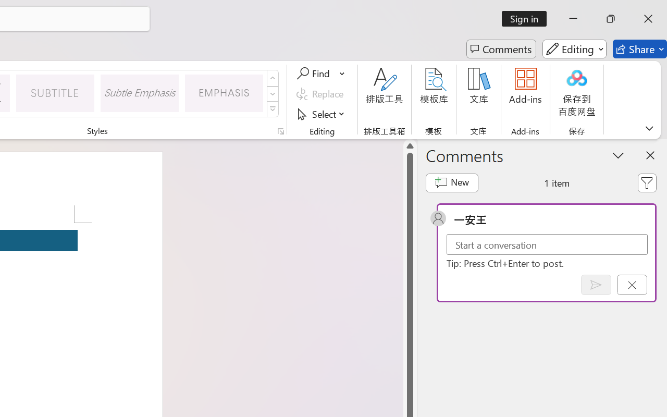  Describe the element at coordinates (596, 285) in the screenshot. I see `'Post comment (Ctrl + Enter)'` at that location.